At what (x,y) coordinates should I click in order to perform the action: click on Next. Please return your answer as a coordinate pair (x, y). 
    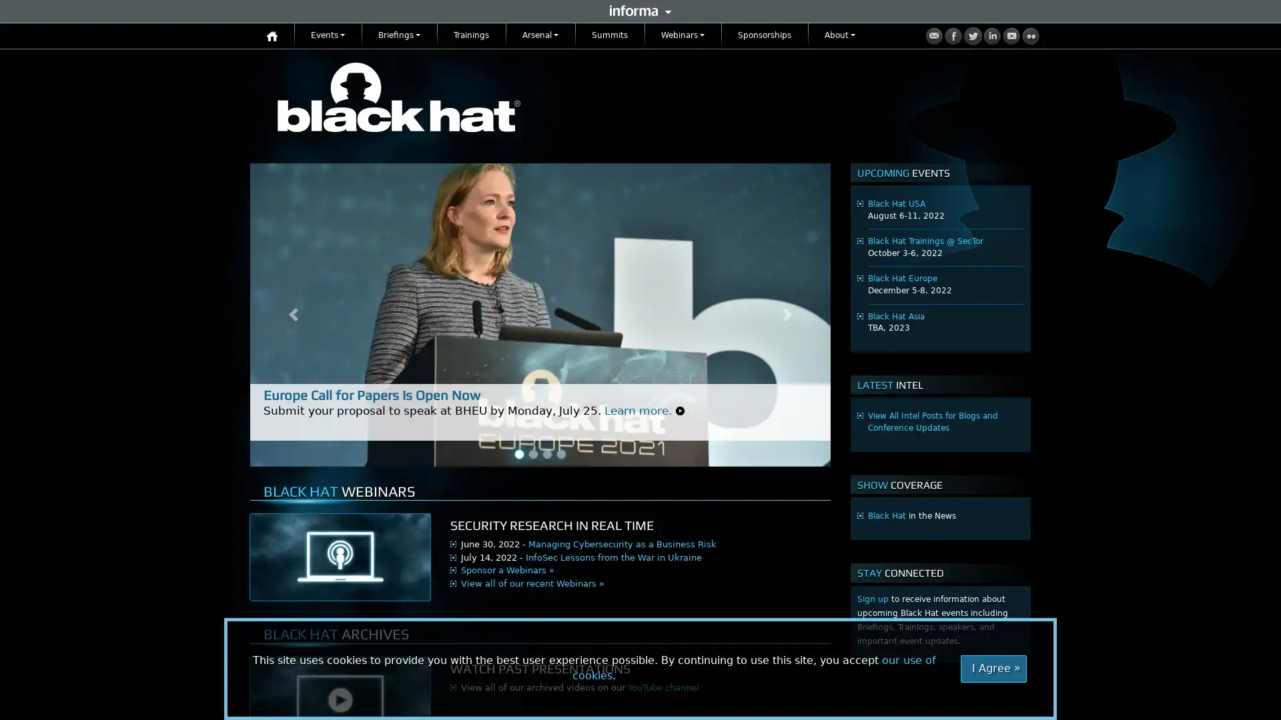
    Looking at the image, I should click on (787, 314).